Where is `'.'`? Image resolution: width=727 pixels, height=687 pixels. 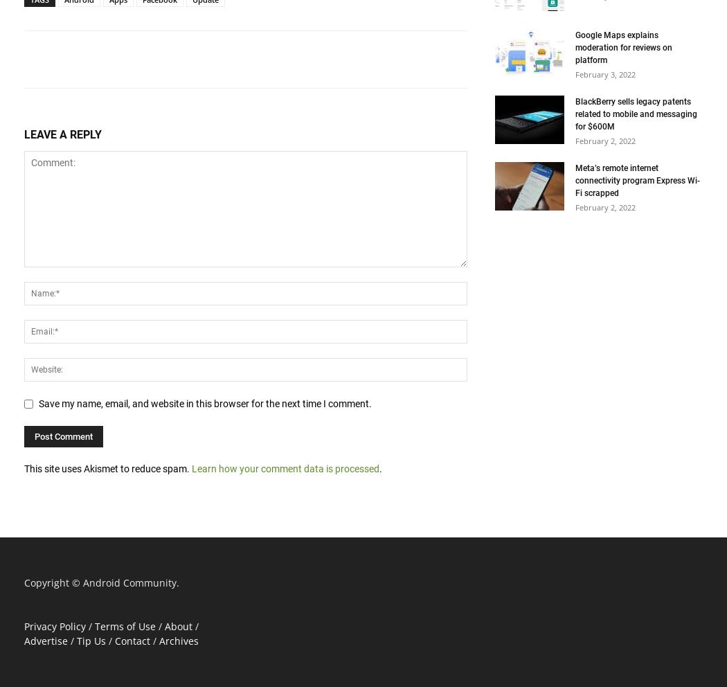 '.' is located at coordinates (380, 467).